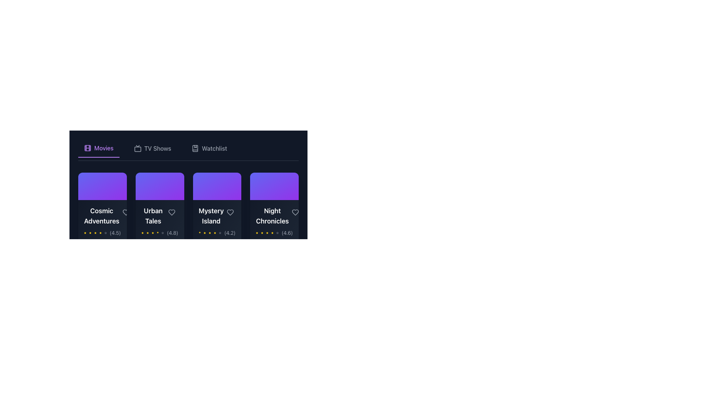 Image resolution: width=702 pixels, height=395 pixels. Describe the element at coordinates (98, 148) in the screenshot. I see `the active navigation menu item 'Movies' with the purple text and film roll icon` at that location.